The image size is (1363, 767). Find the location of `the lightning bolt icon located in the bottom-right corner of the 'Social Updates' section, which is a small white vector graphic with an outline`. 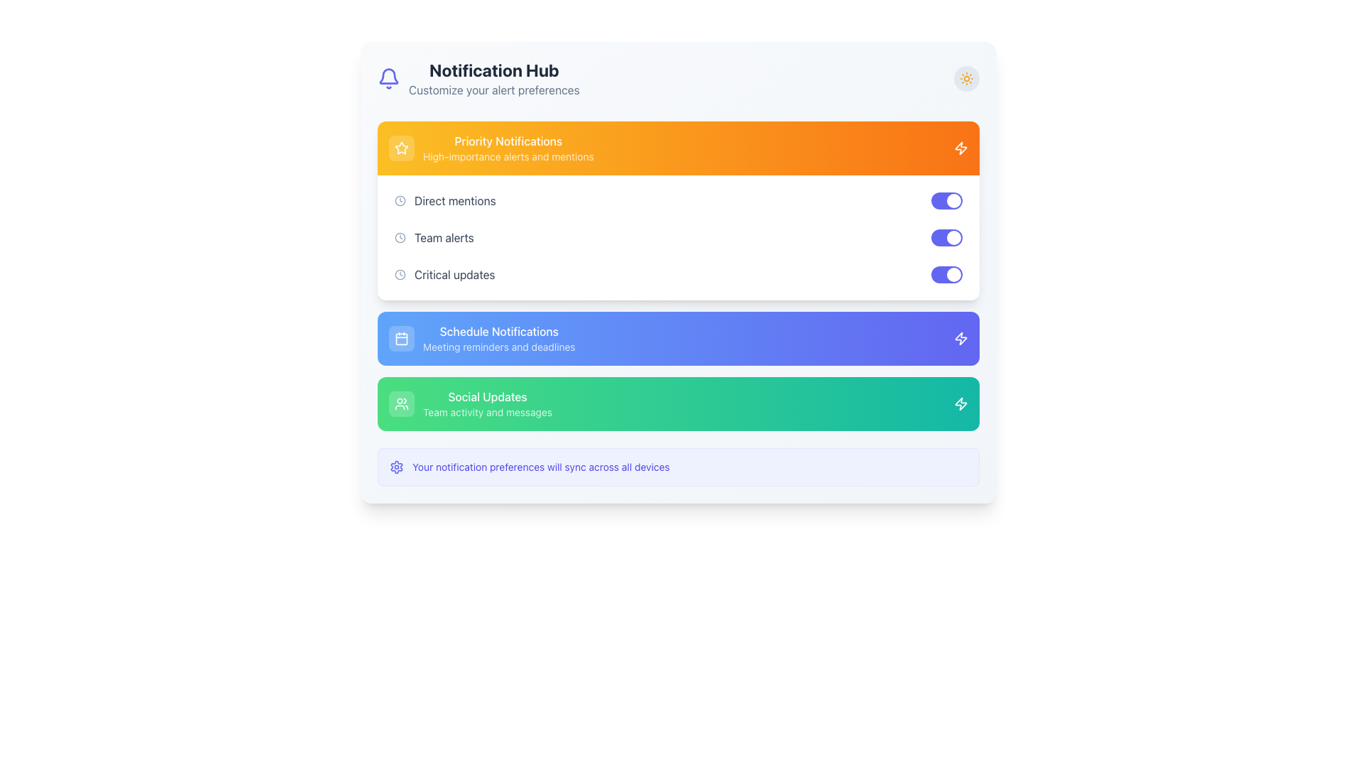

the lightning bolt icon located in the bottom-right corner of the 'Social Updates' section, which is a small white vector graphic with an outline is located at coordinates (960, 404).